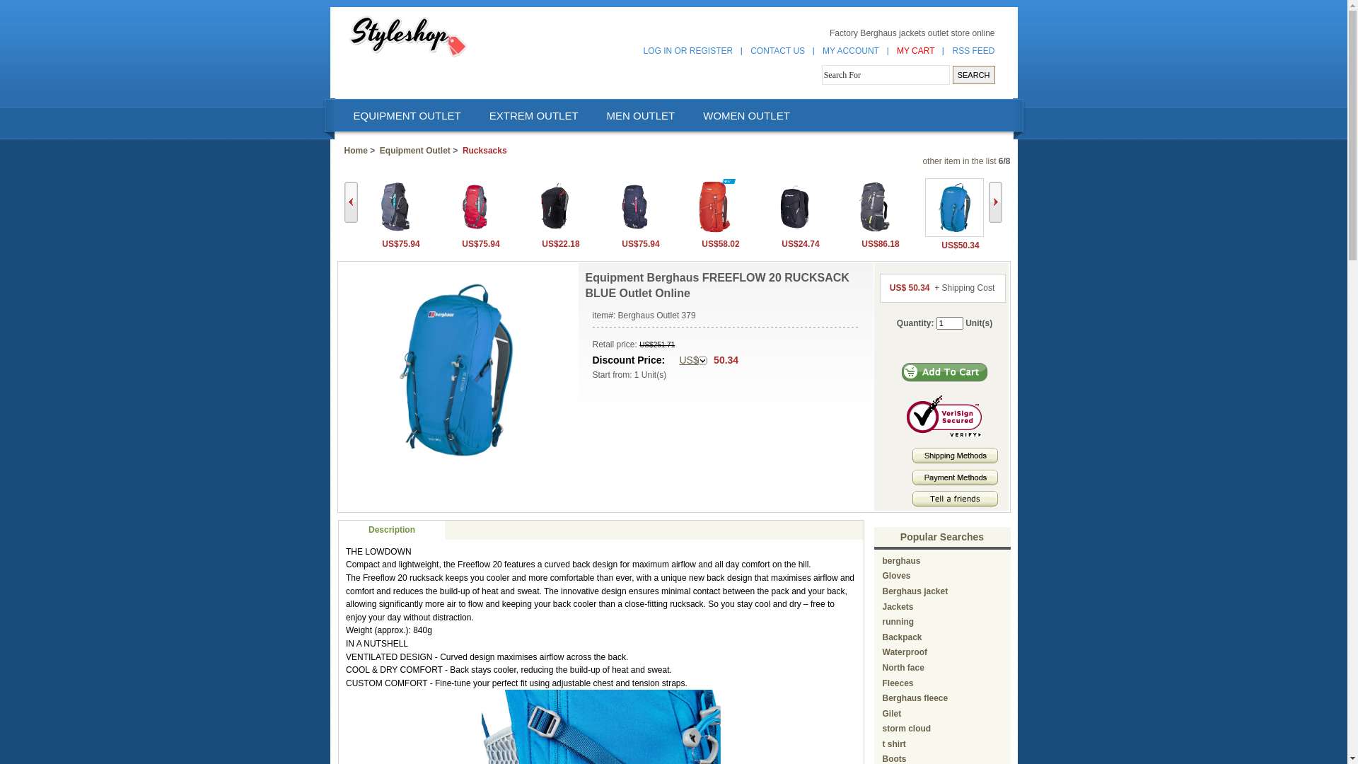 Image resolution: width=1358 pixels, height=764 pixels. I want to click on ' Equipment Berghaus FREEFLOW 20 RUCKSACK BLUE Outlet Online ', so click(455, 369).